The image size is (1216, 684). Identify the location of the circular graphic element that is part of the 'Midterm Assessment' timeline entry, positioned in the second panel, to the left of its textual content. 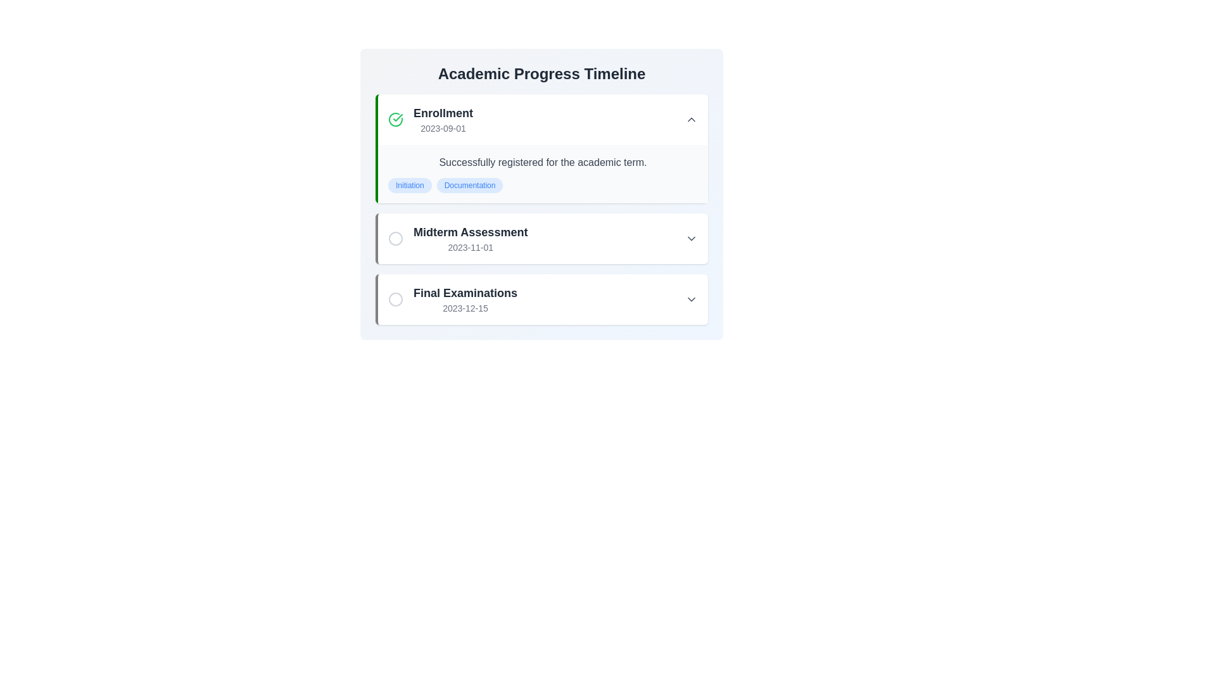
(395, 239).